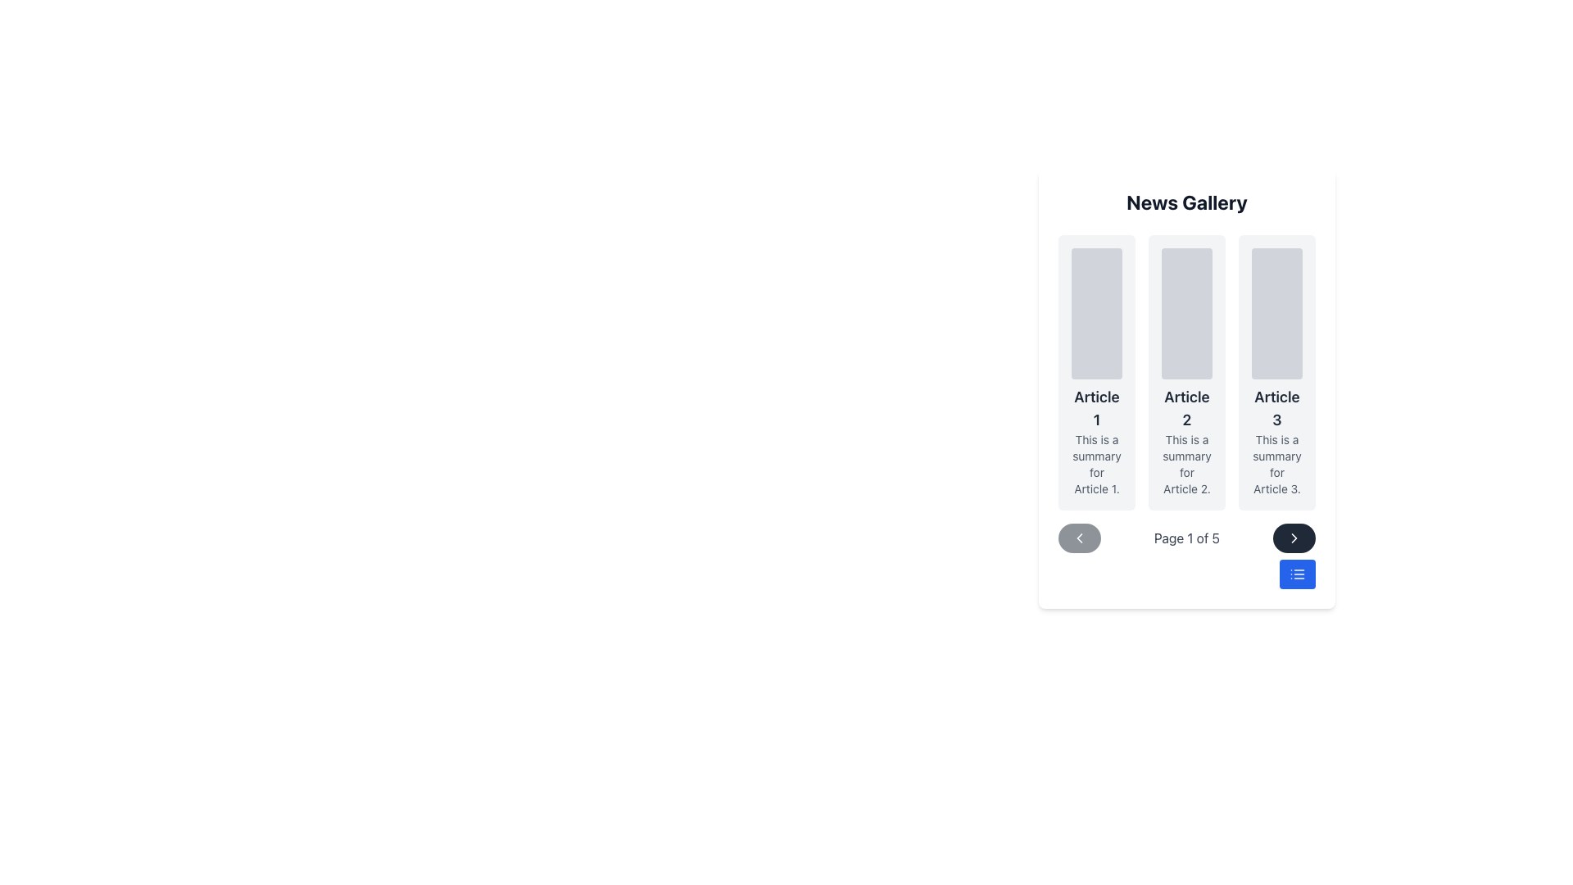  Describe the element at coordinates (1080, 538) in the screenshot. I see `the left chevron icon inside the circular button located at the bottom-left corner of the content card` at that location.